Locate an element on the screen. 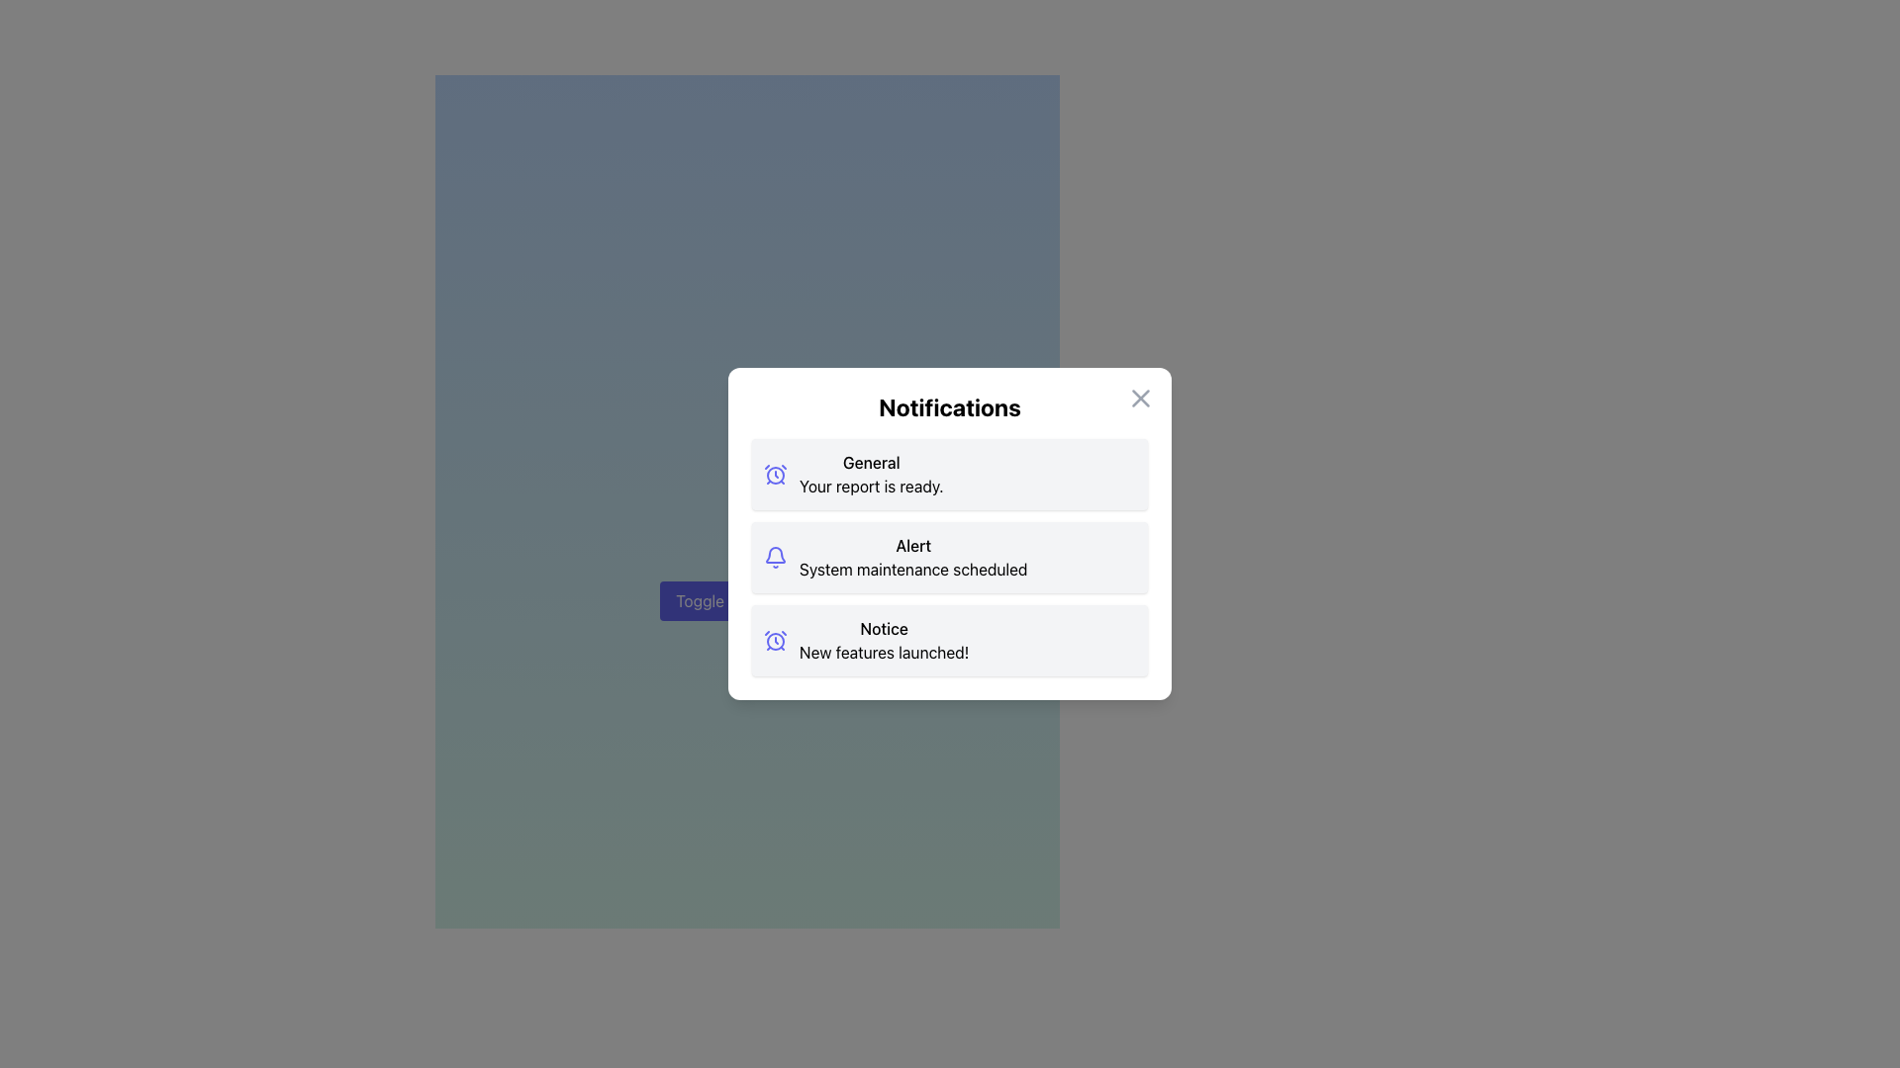 The width and height of the screenshot is (1900, 1068). the close button icon located at the top-right corner of the notifications dialog box is located at coordinates (1140, 398).